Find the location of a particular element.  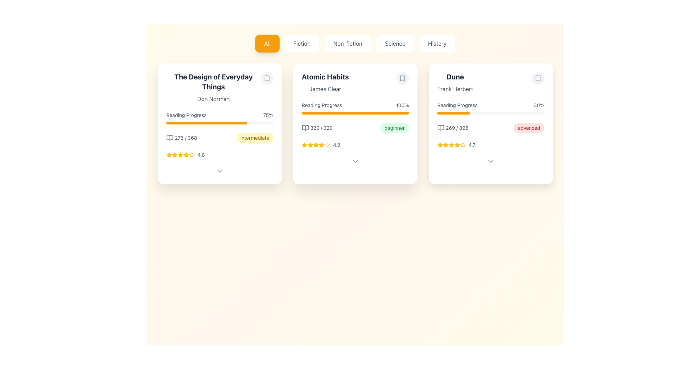

information displayed in the composite element showing the reading progress of the book 'Dune', which includes the current page and the difficulty level indicated as 'advanced' is located at coordinates (490, 128).